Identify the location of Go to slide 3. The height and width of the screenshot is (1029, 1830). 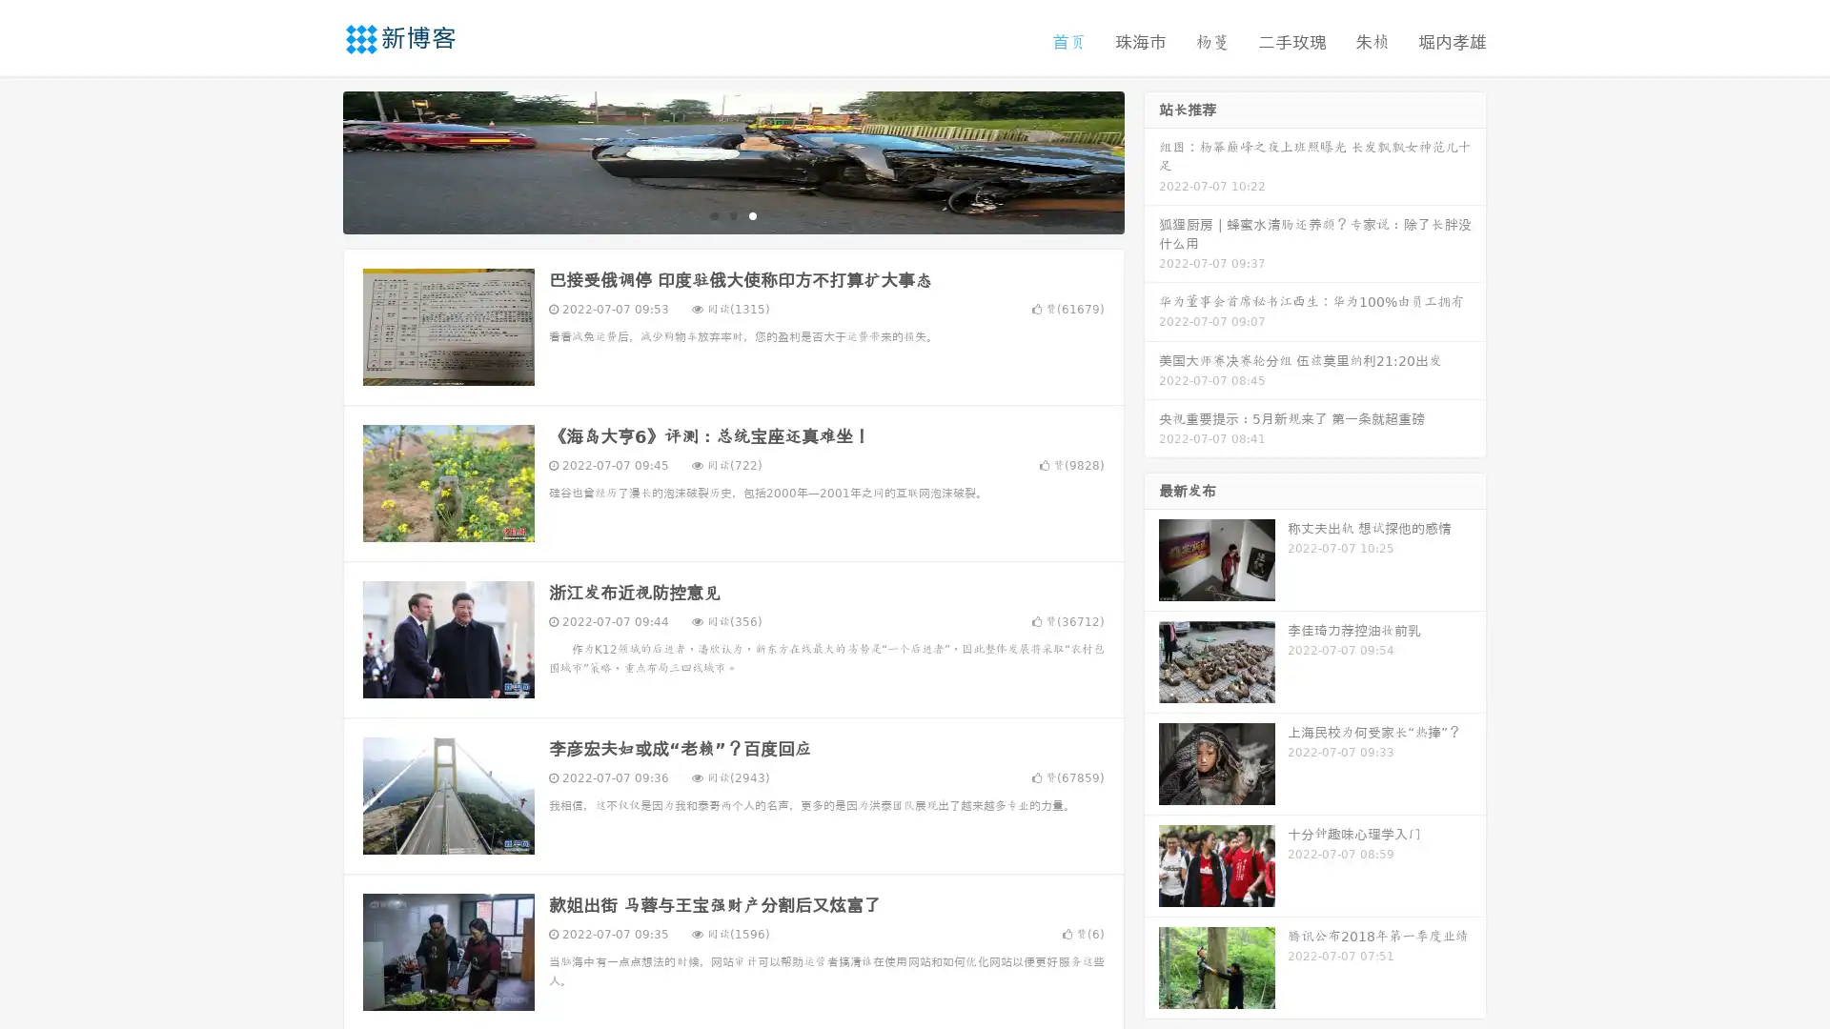
(752, 214).